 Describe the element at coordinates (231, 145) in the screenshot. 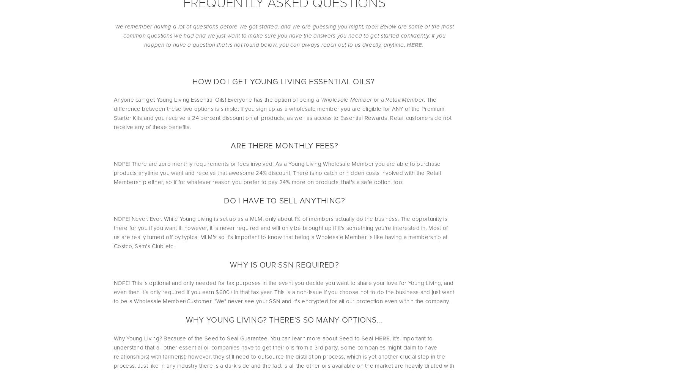

I see `'ARE THERE MONTHLY FEES?'` at that location.